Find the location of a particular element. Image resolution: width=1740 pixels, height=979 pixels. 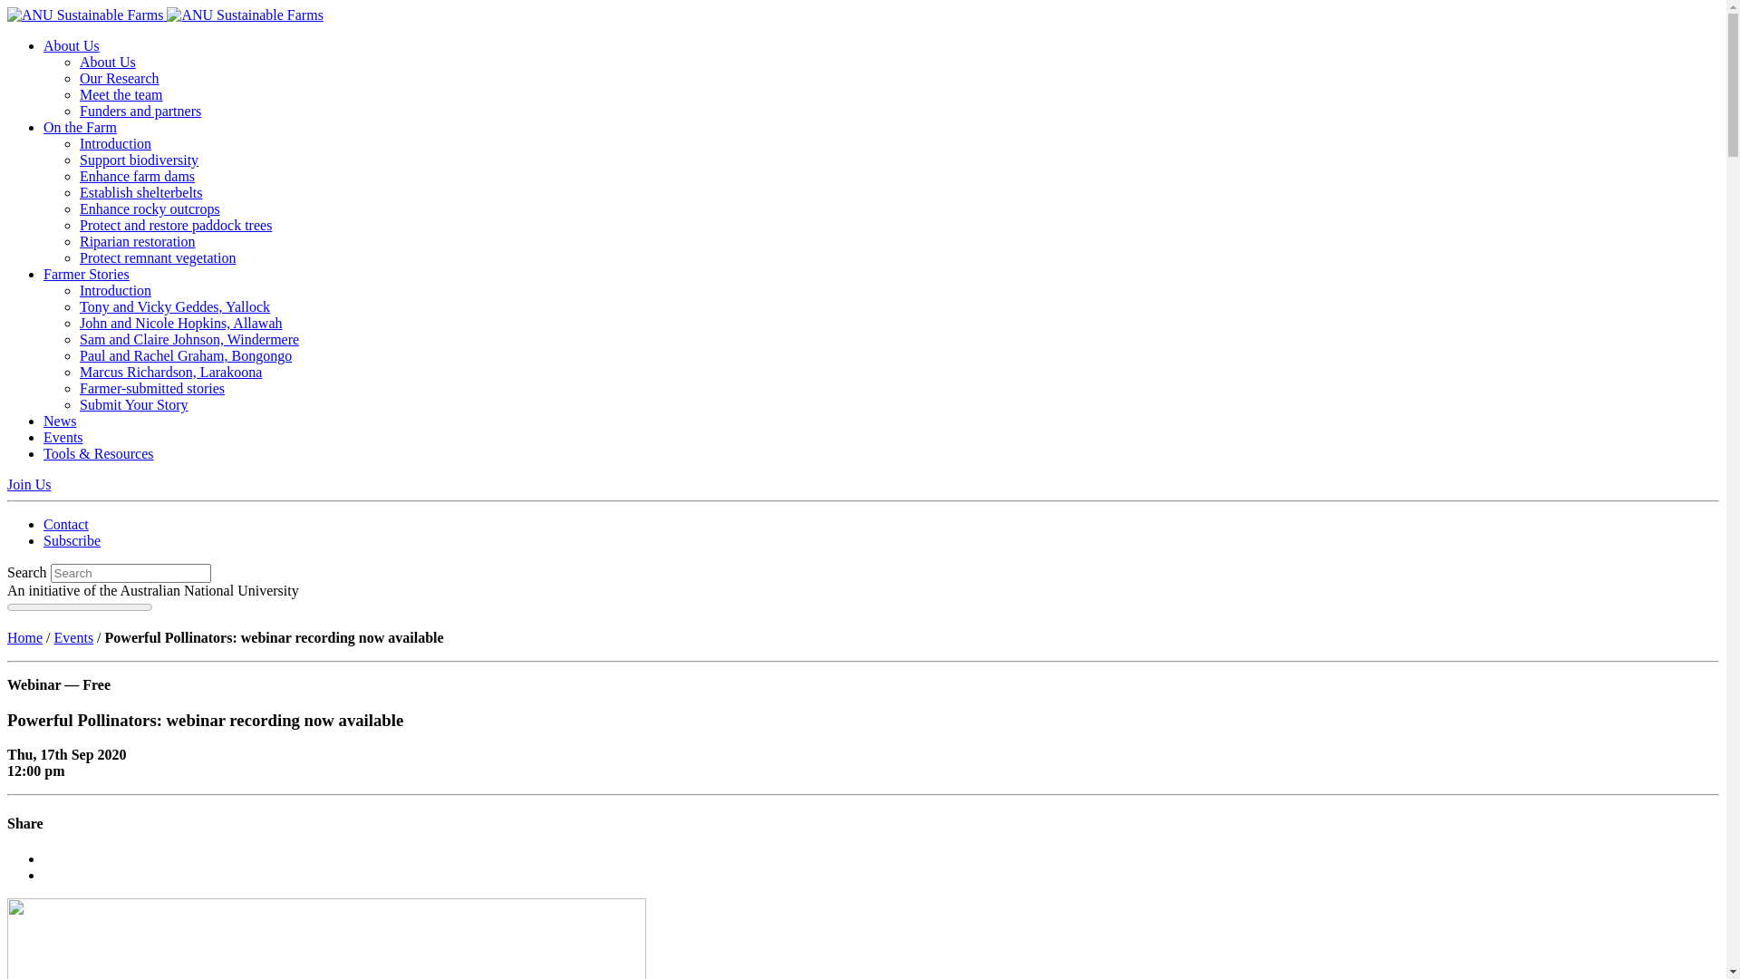

'Riparian restoration' is located at coordinates (78, 240).